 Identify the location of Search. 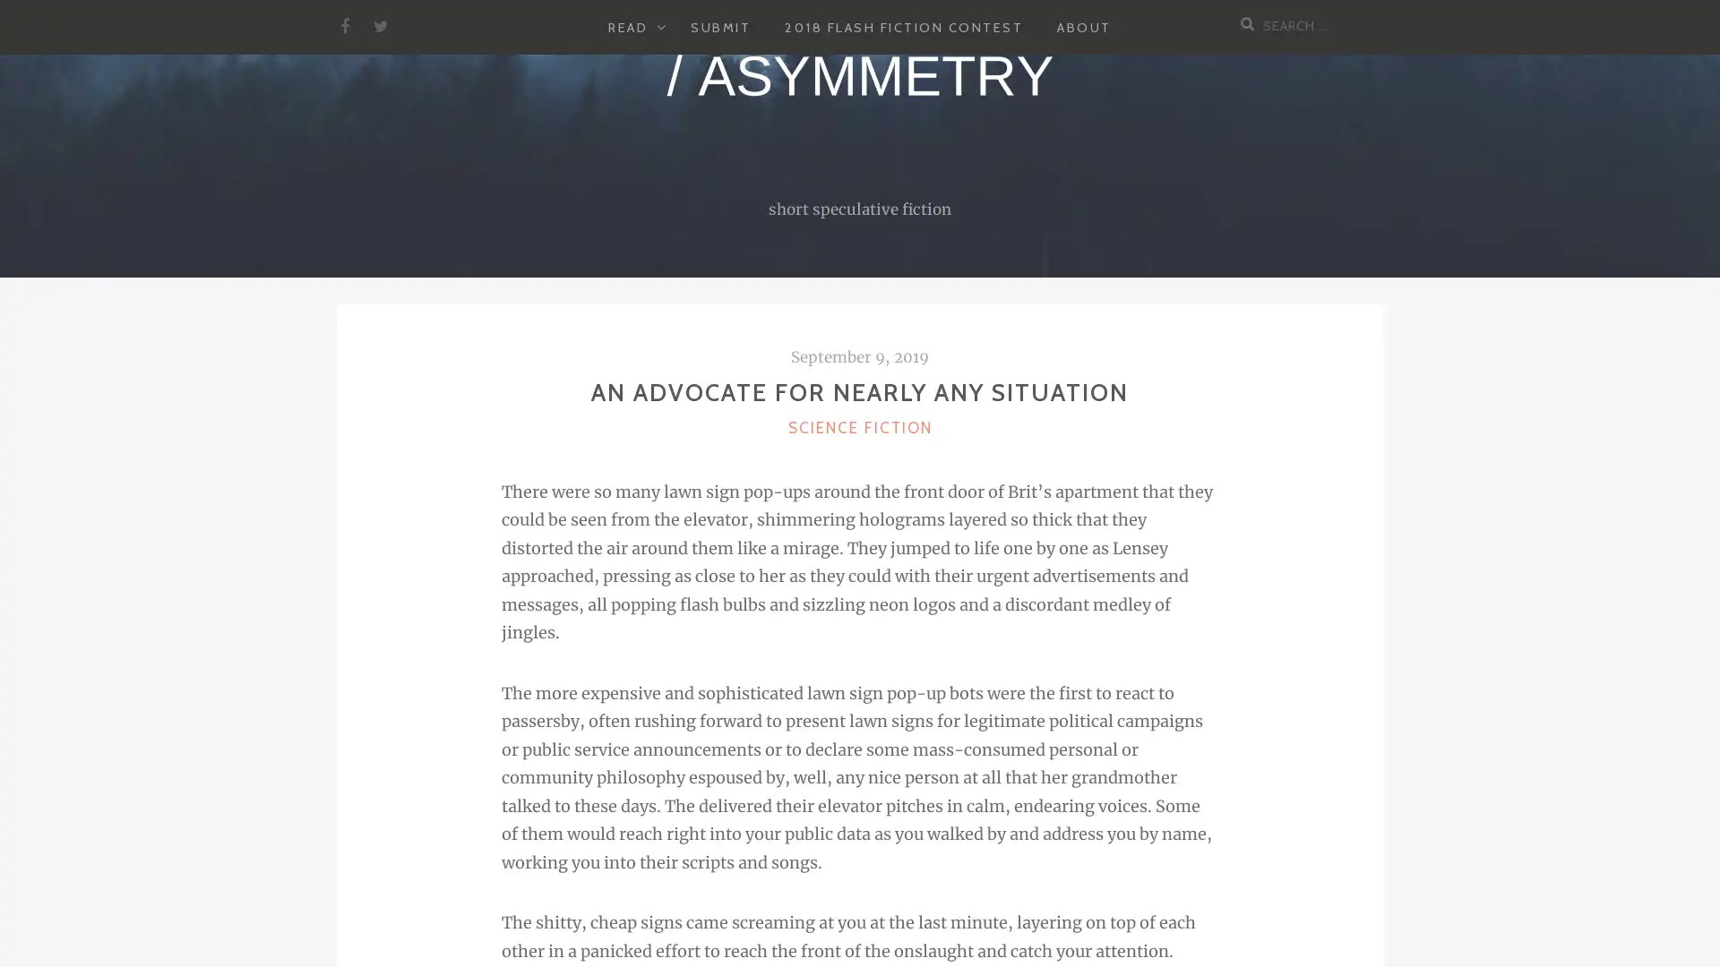
(1249, 23).